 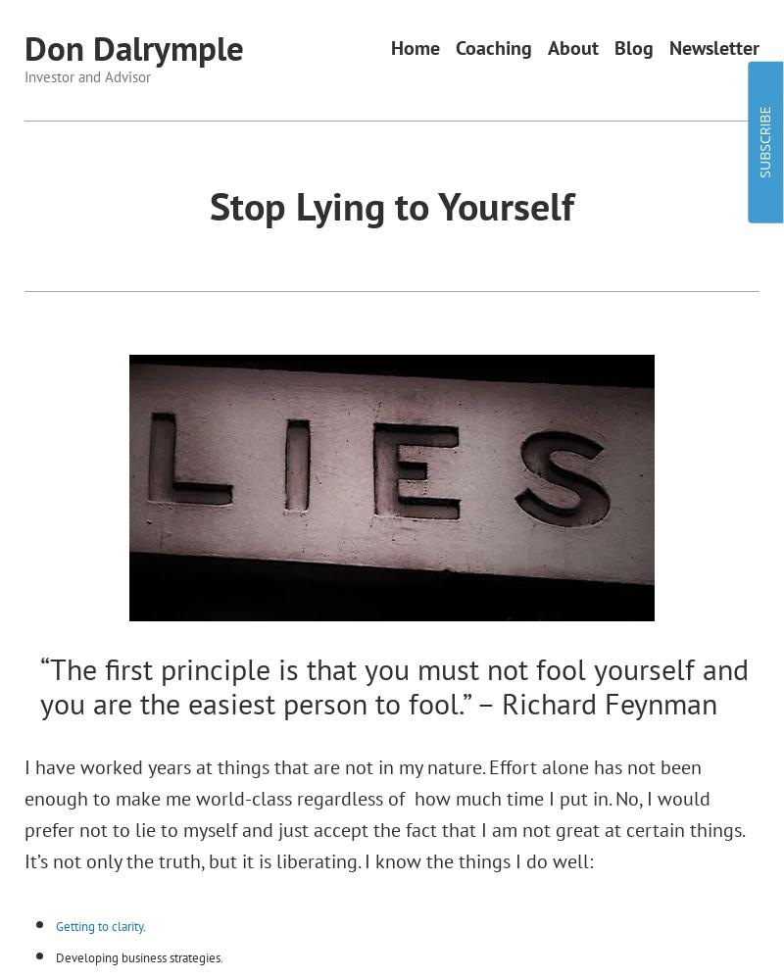 What do you see at coordinates (24, 48) in the screenshot?
I see `'Don Dalrymple'` at bounding box center [24, 48].